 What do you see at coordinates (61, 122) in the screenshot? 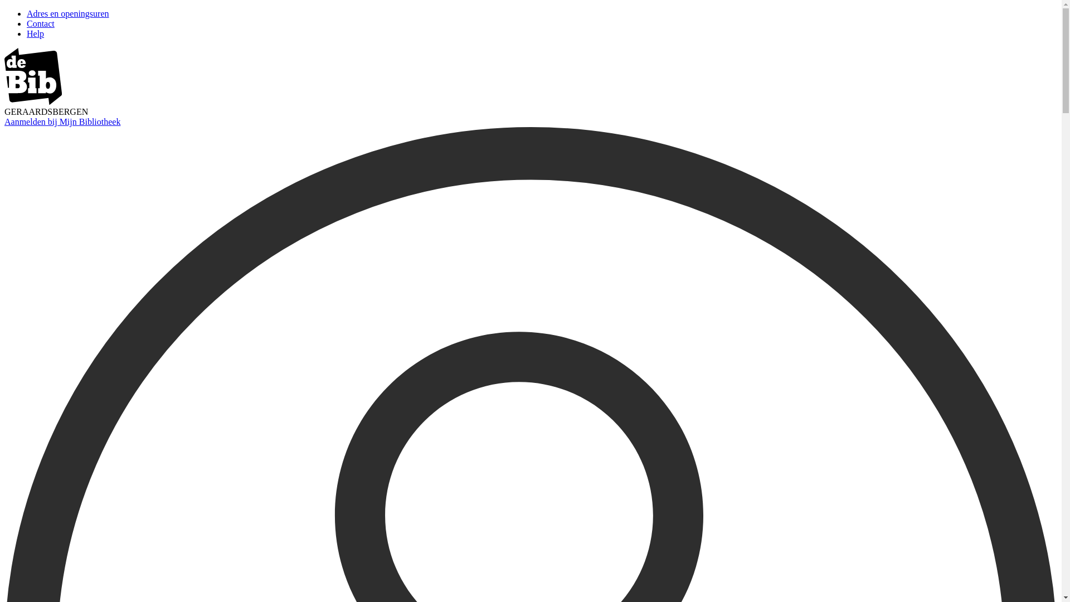
I see `'Aanmelden bij Mijn Bibliotheek'` at bounding box center [61, 122].